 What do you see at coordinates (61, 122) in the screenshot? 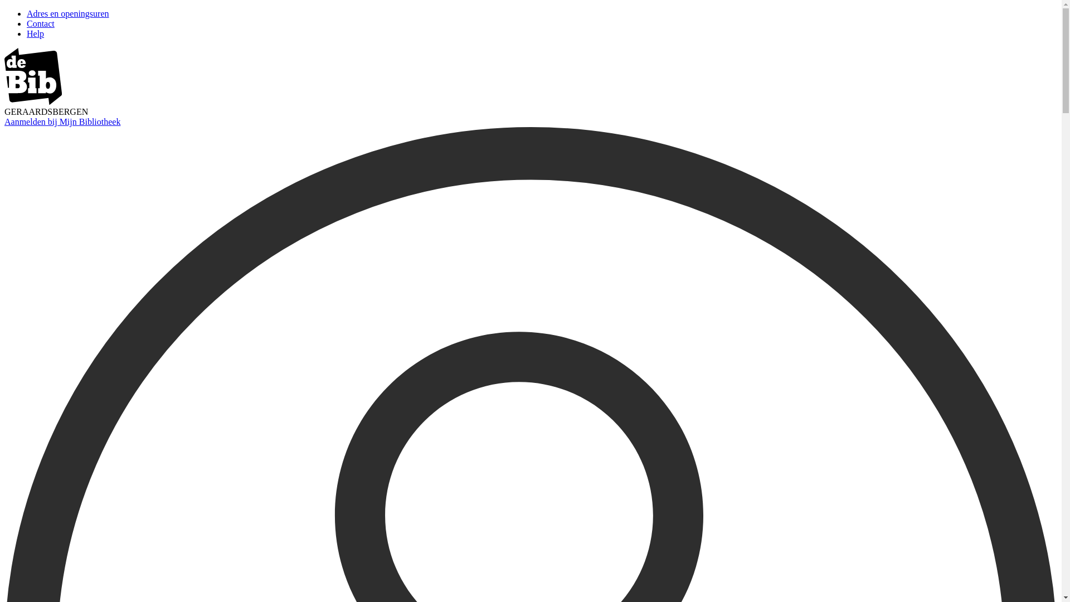
I see `'Aanmelden bij Mijn Bibliotheek'` at bounding box center [61, 122].